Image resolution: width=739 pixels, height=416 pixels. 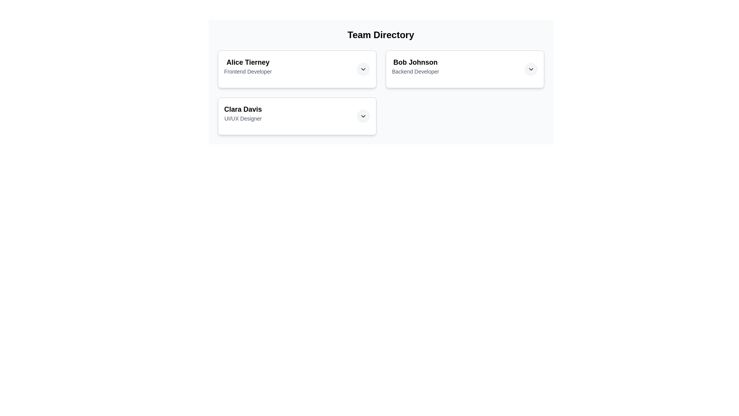 What do you see at coordinates (363, 69) in the screenshot?
I see `the small circular button with a chevron-down icon located in the top-right corner of the card for 'Alice Tierney - Frontend Developer'` at bounding box center [363, 69].